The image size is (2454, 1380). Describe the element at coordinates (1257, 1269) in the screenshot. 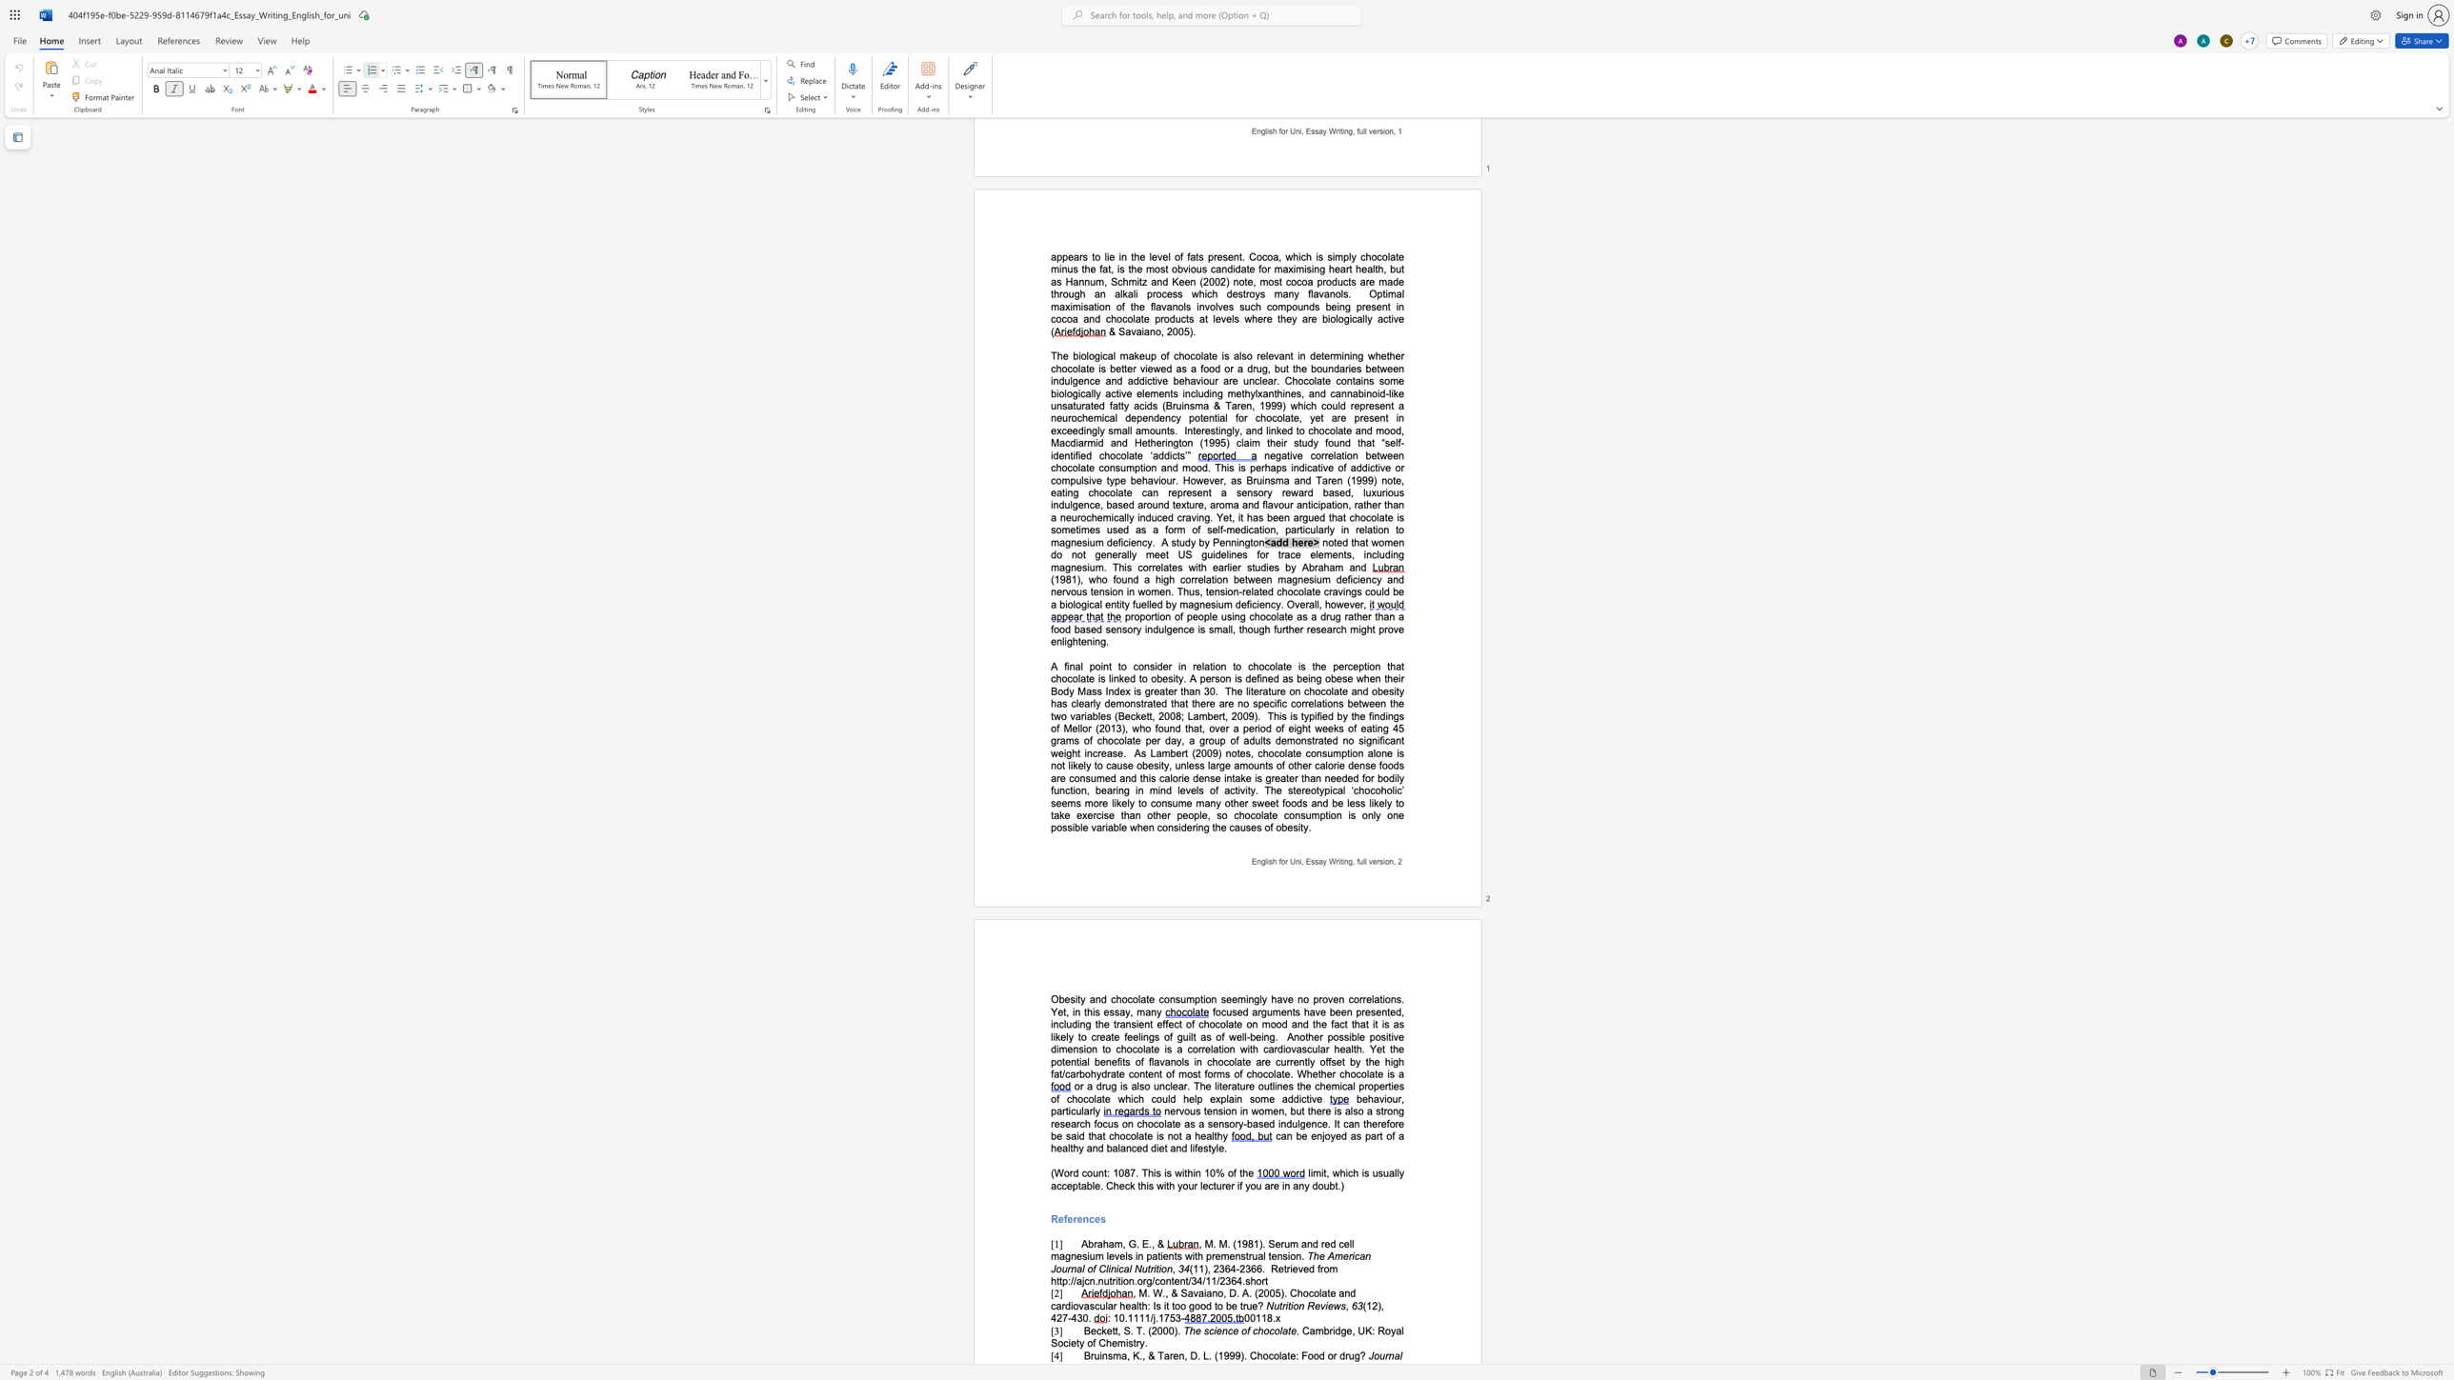

I see `the space between the continuous character "6" and "6" in the text` at that location.